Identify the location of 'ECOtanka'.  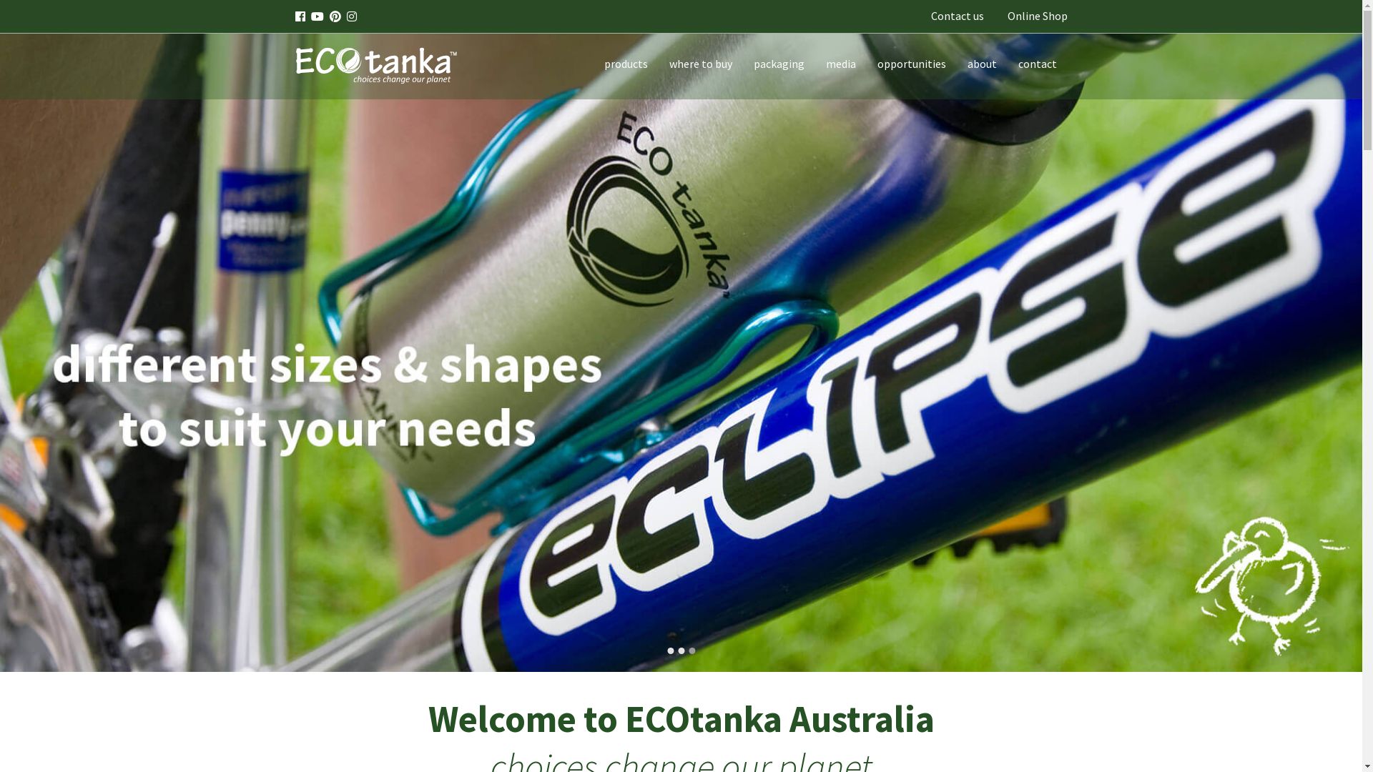
(680, 352).